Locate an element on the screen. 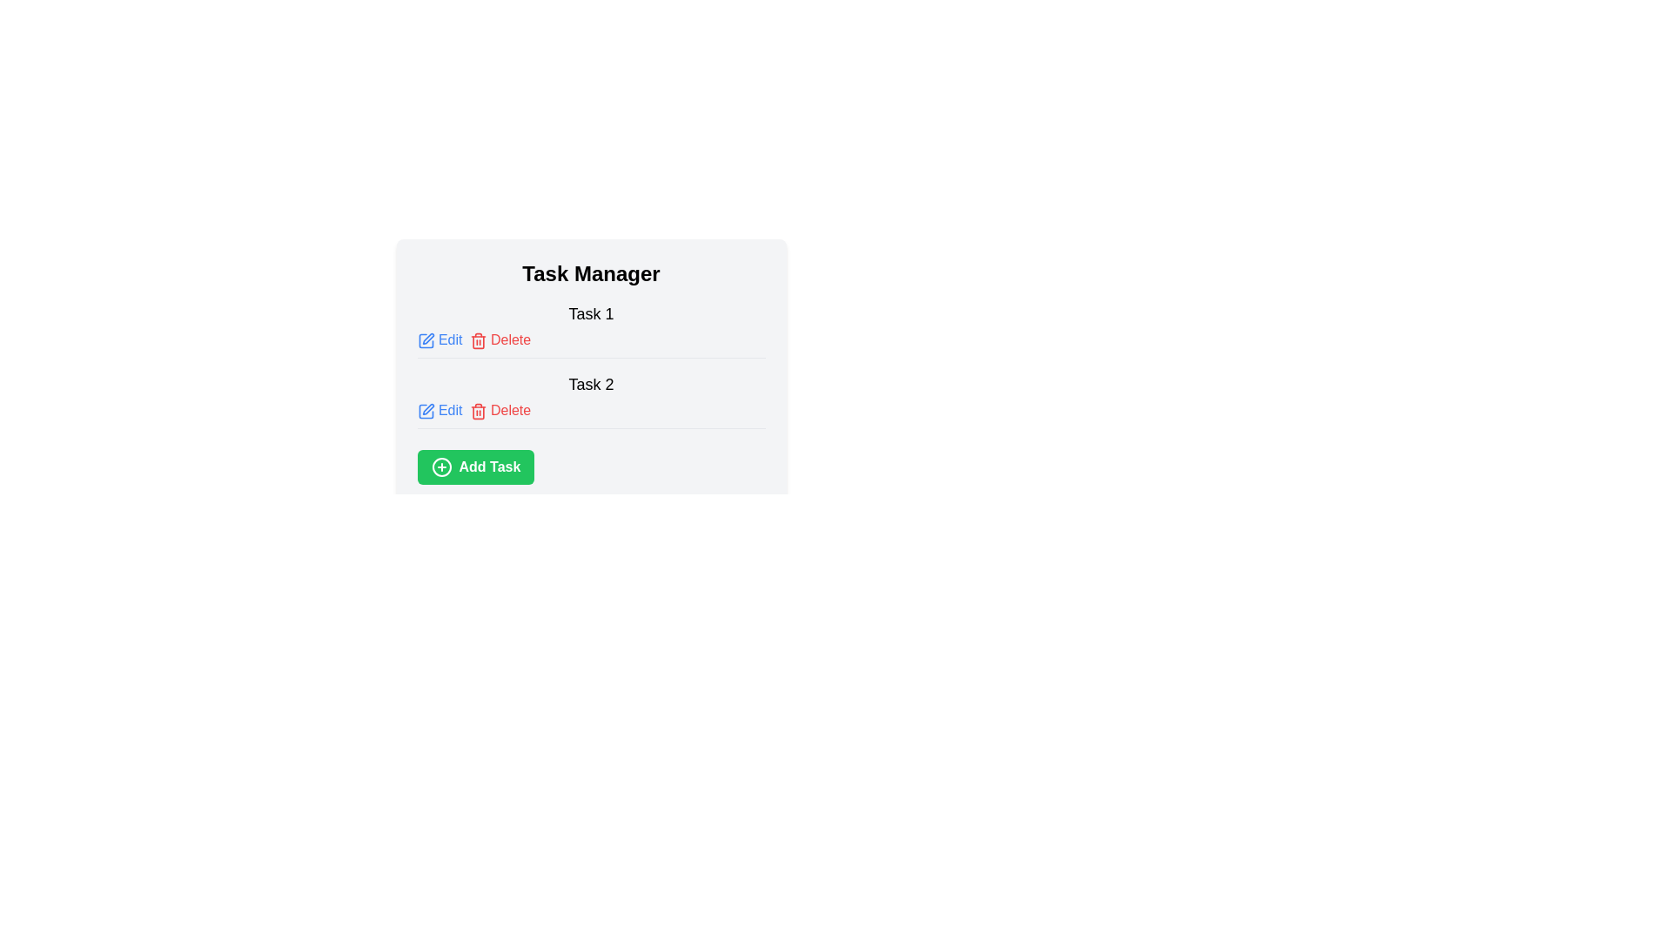 Image resolution: width=1671 pixels, height=940 pixels. the delete icon in the 'Delete' section for Task 1, located in the top sub-segment of the task management panel is located at coordinates (478, 411).